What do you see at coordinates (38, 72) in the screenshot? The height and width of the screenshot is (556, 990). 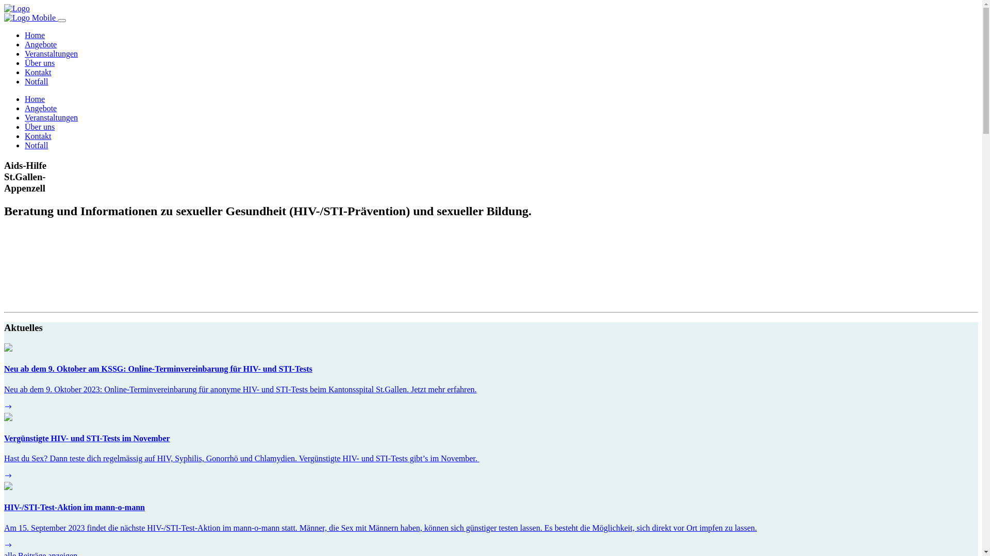 I see `'Kontakt'` at bounding box center [38, 72].